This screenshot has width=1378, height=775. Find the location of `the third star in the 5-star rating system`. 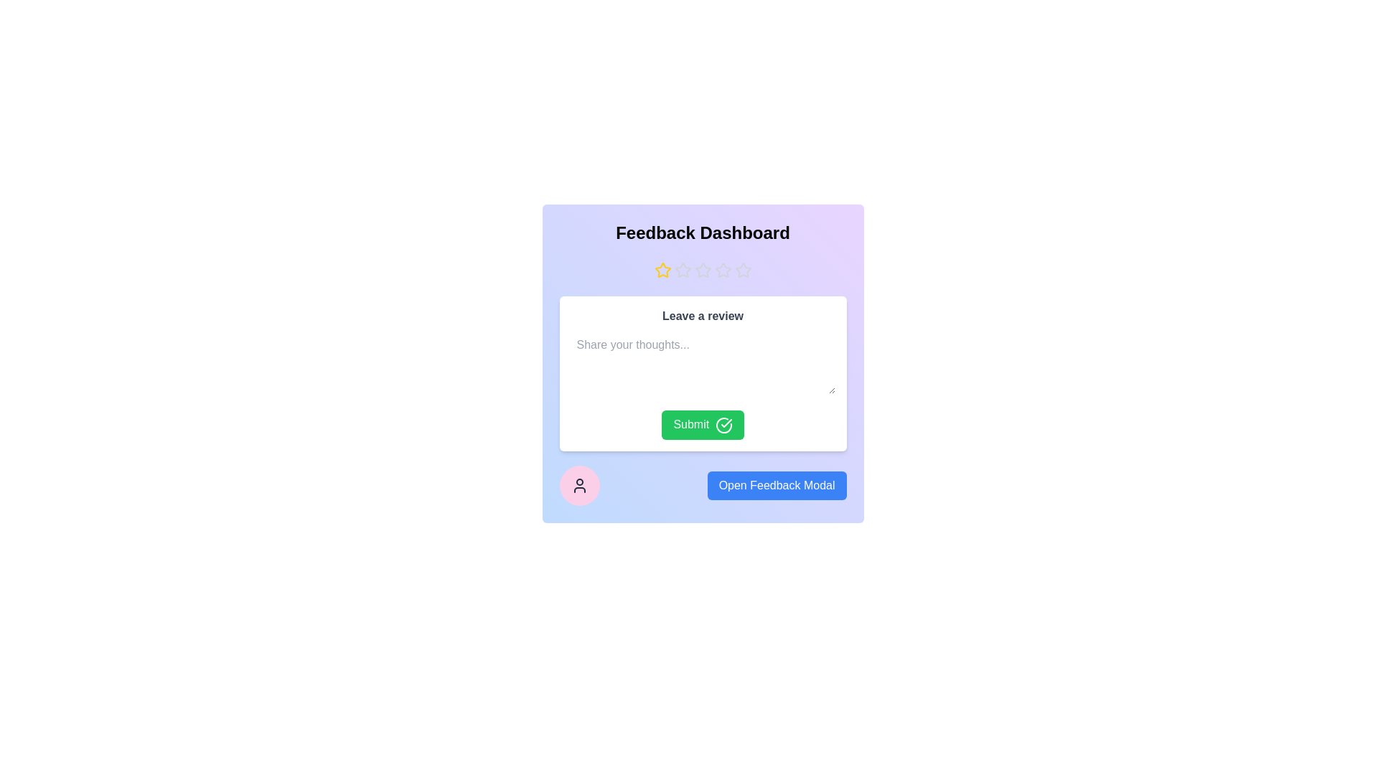

the third star in the 5-star rating system is located at coordinates (723, 270).